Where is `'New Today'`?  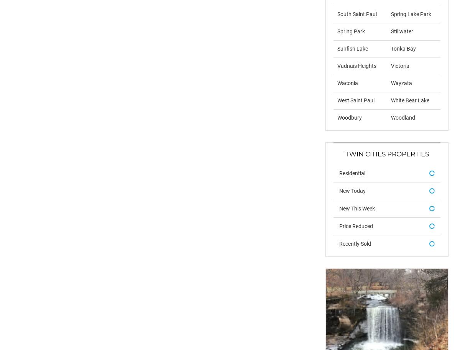
'New Today' is located at coordinates (339, 190).